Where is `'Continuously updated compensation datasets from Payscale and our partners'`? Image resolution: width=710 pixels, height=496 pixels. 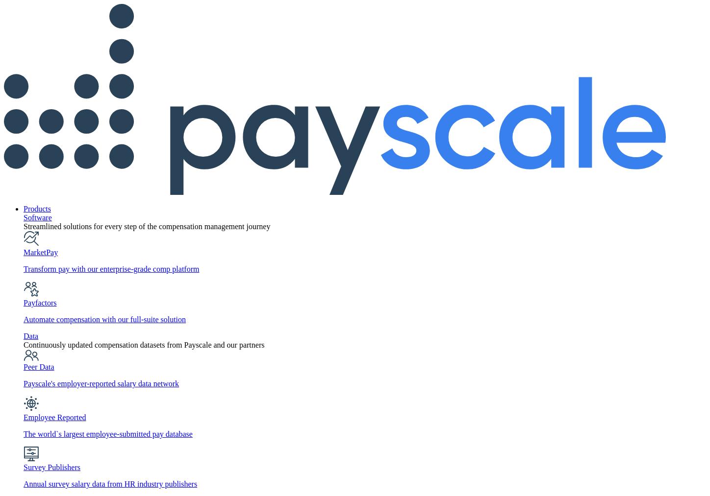
'Continuously updated compensation datasets from Payscale and our partners' is located at coordinates (143, 344).